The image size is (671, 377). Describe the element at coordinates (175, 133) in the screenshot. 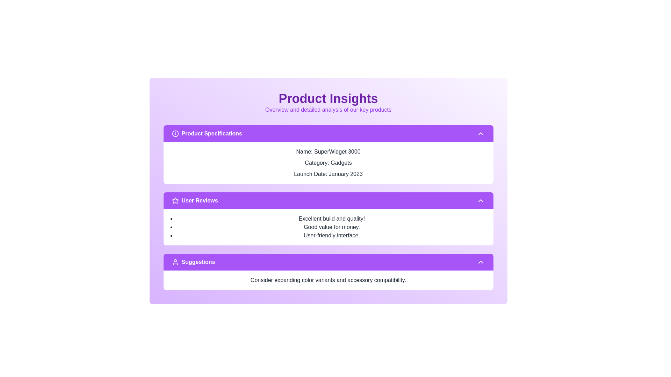

I see `the largest circular icon in the SVG component that serves as part of an information symbol by moving the cursor to its center` at that location.